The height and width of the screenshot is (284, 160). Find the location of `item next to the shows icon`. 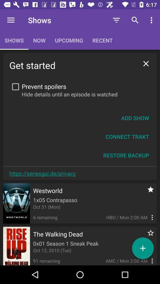

item next to the shows icon is located at coordinates (11, 20).